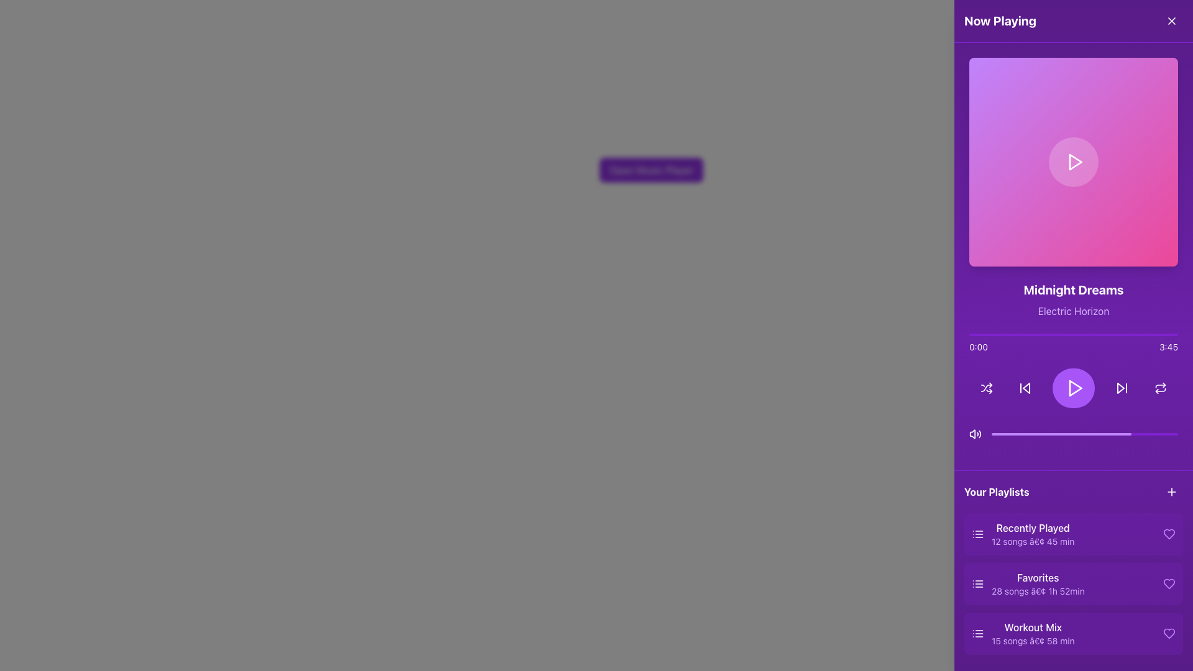  What do you see at coordinates (1033, 534) in the screenshot?
I see `the 'Recently Played' textual label in the 'Your Playlists' section` at bounding box center [1033, 534].